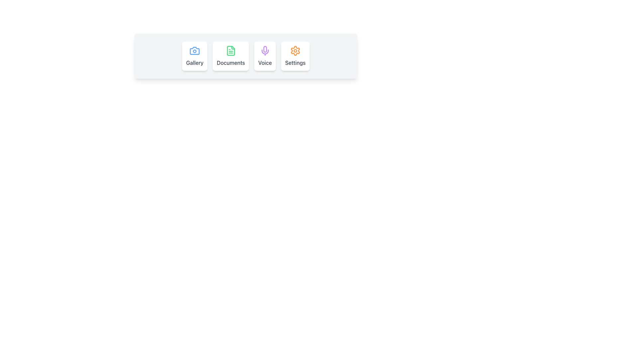 This screenshot has width=638, height=359. I want to click on text label displaying 'Documents' located below the green document icon in the second card from the left, so click(231, 63).